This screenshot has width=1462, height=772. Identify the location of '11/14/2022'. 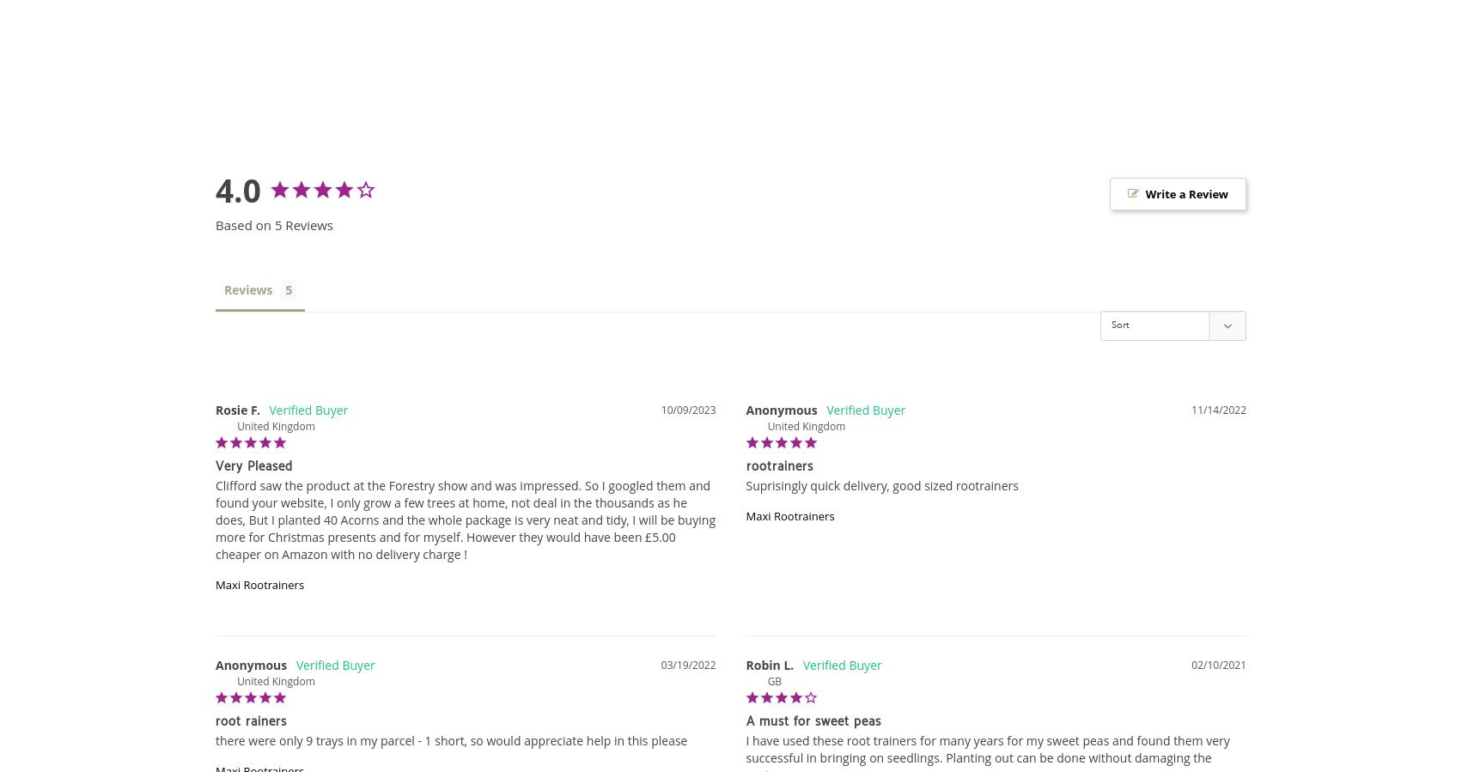
(1217, 409).